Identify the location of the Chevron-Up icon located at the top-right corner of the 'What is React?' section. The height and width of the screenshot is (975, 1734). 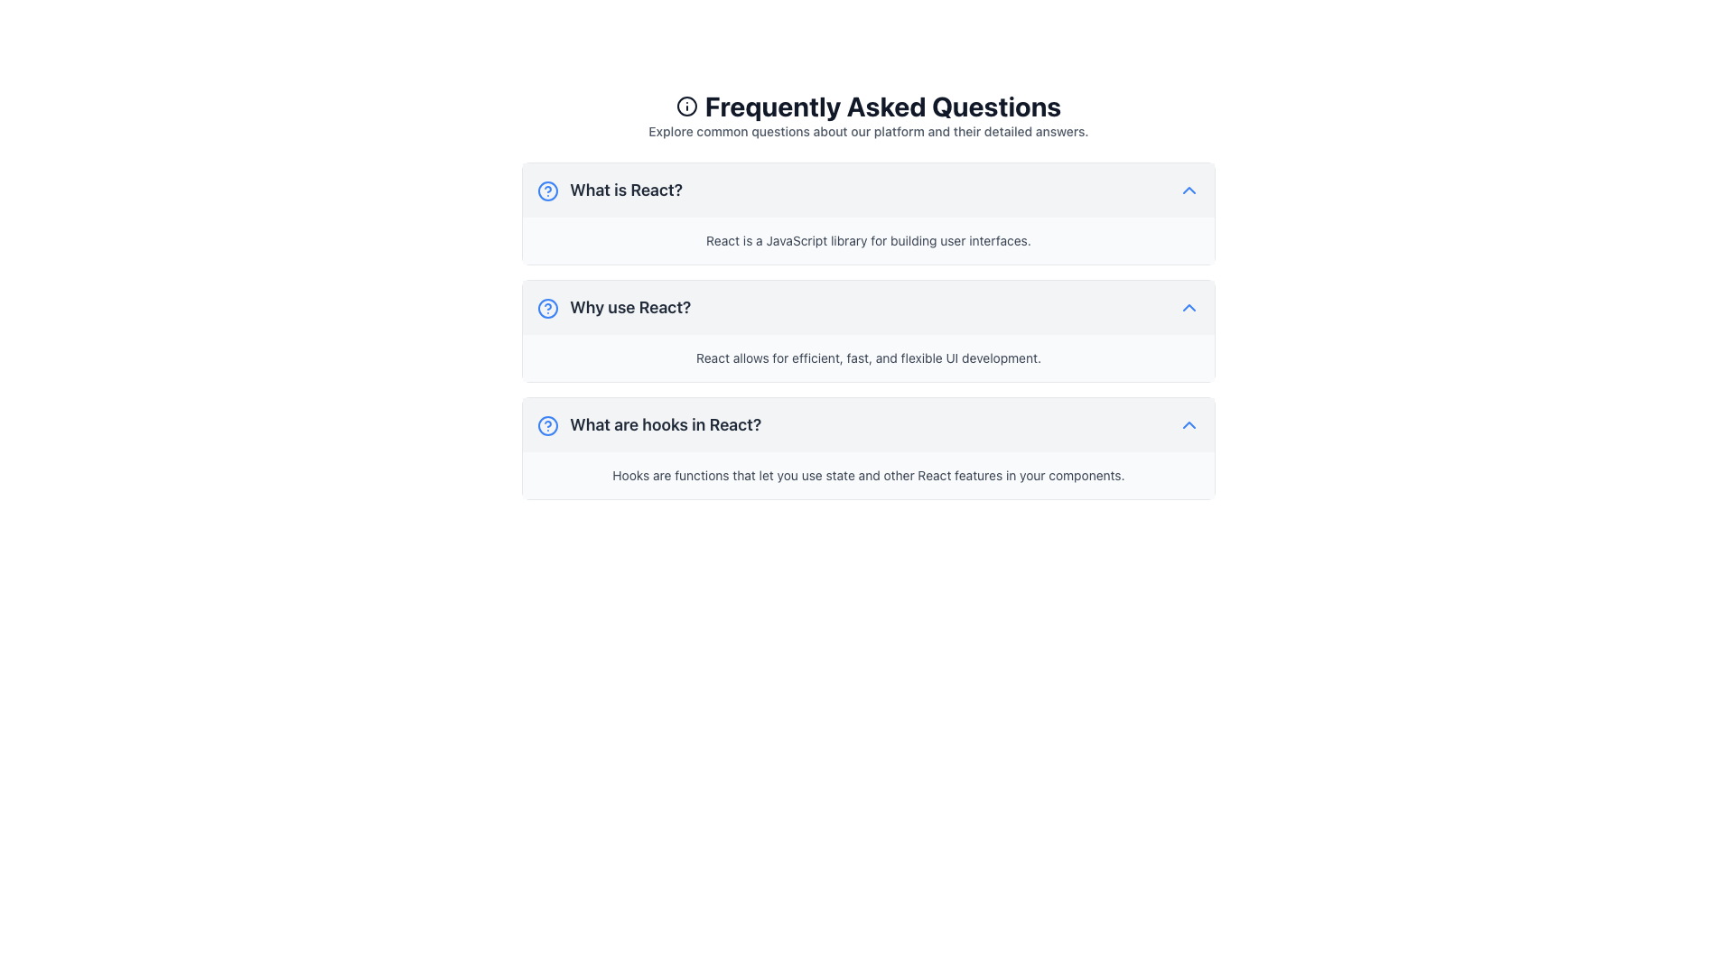
(1189, 190).